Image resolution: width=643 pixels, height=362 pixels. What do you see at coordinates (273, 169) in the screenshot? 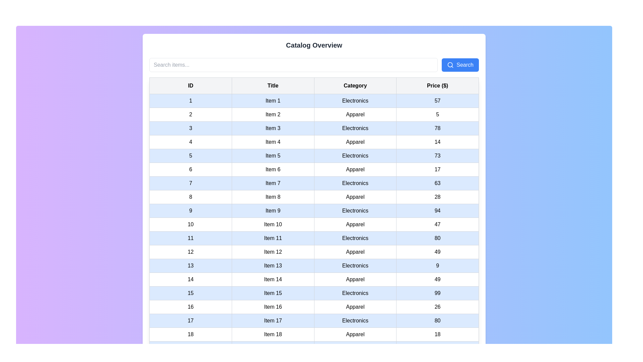
I see `displayed text from the table cell in the second column of the sixth row under the 'Title' header` at bounding box center [273, 169].